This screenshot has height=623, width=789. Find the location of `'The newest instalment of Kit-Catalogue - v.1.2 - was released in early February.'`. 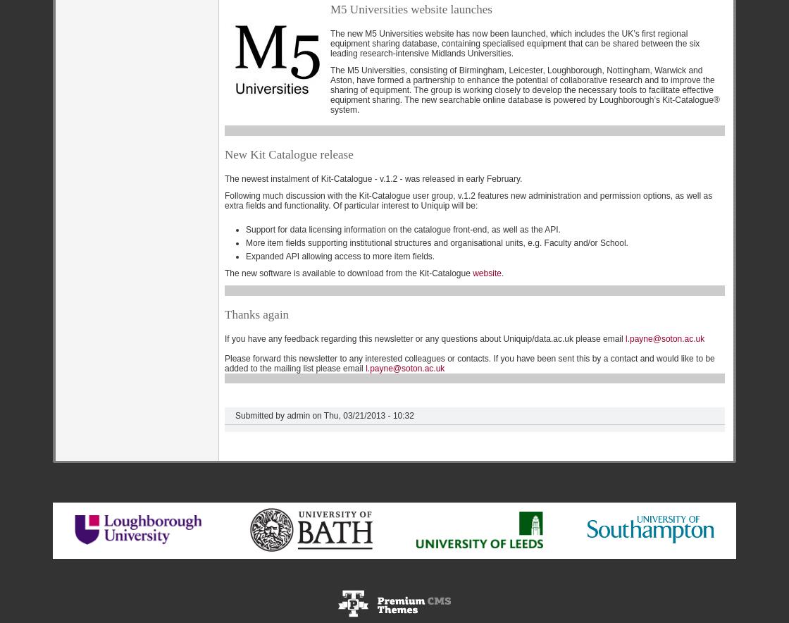

'The newest instalment of Kit-Catalogue - v.1.2 - was released in early February.' is located at coordinates (373, 178).